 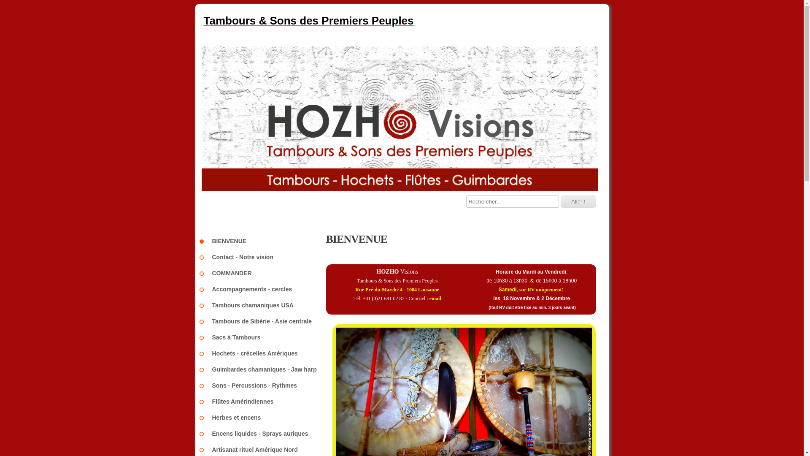 I want to click on 'Tambours chamaniques USA', so click(x=262, y=305).